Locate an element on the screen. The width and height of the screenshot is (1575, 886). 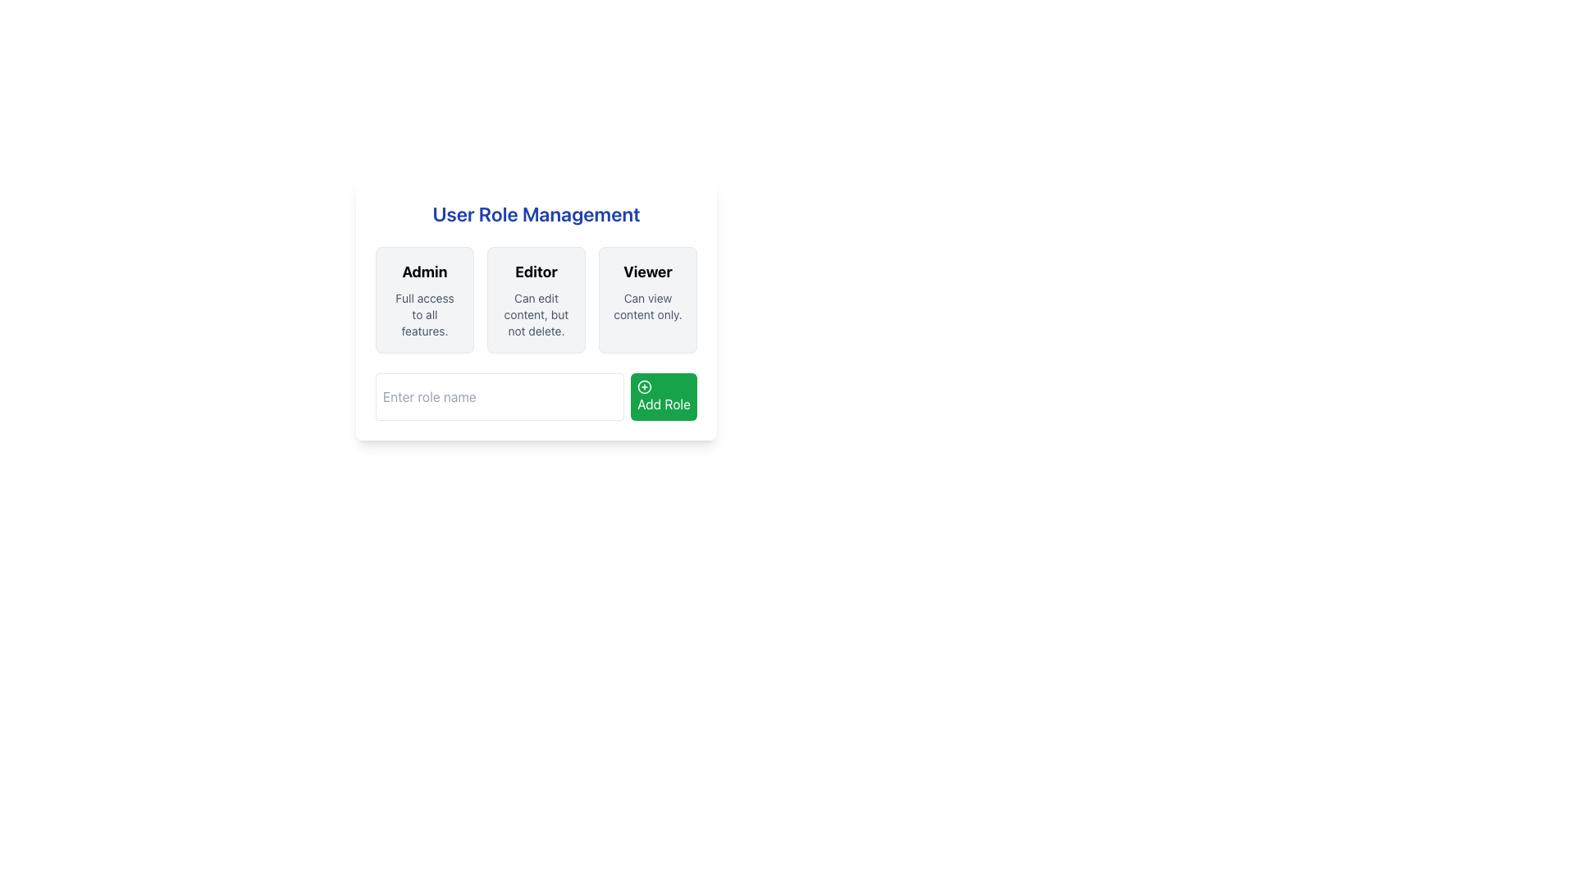
the text label that reads 'Full access to all features.' which is located within the 'Admin' card in the 'User Role Management' section, positioned centrally below the 'Admin' heading is located at coordinates (425, 315).